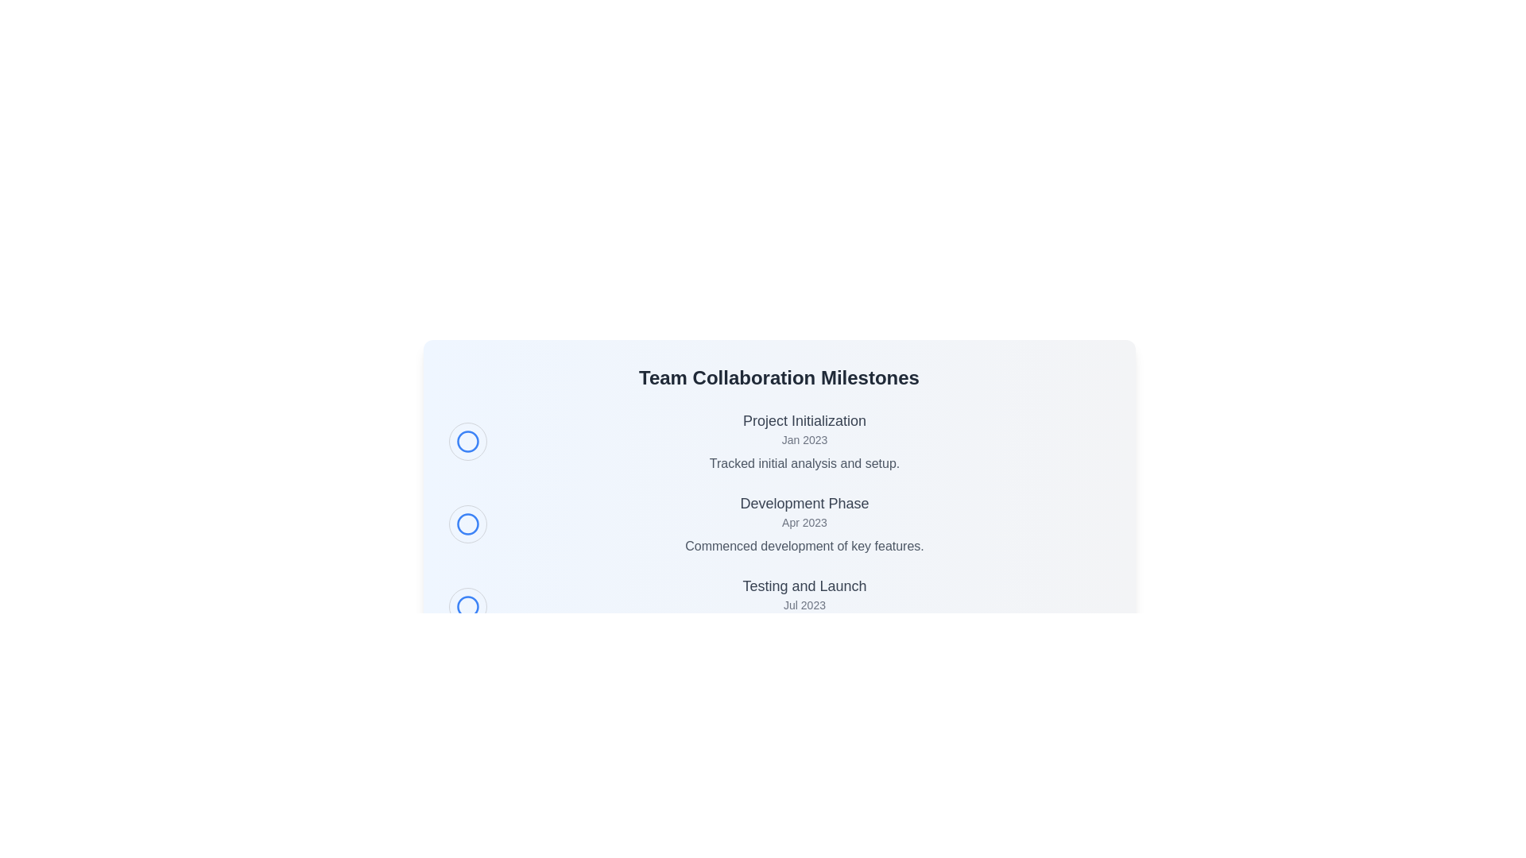 The width and height of the screenshot is (1526, 858). I want to click on textual content of the third Timeline Milestone Item, which provides information about a specific milestone including its title, date, and description, so click(779, 606).